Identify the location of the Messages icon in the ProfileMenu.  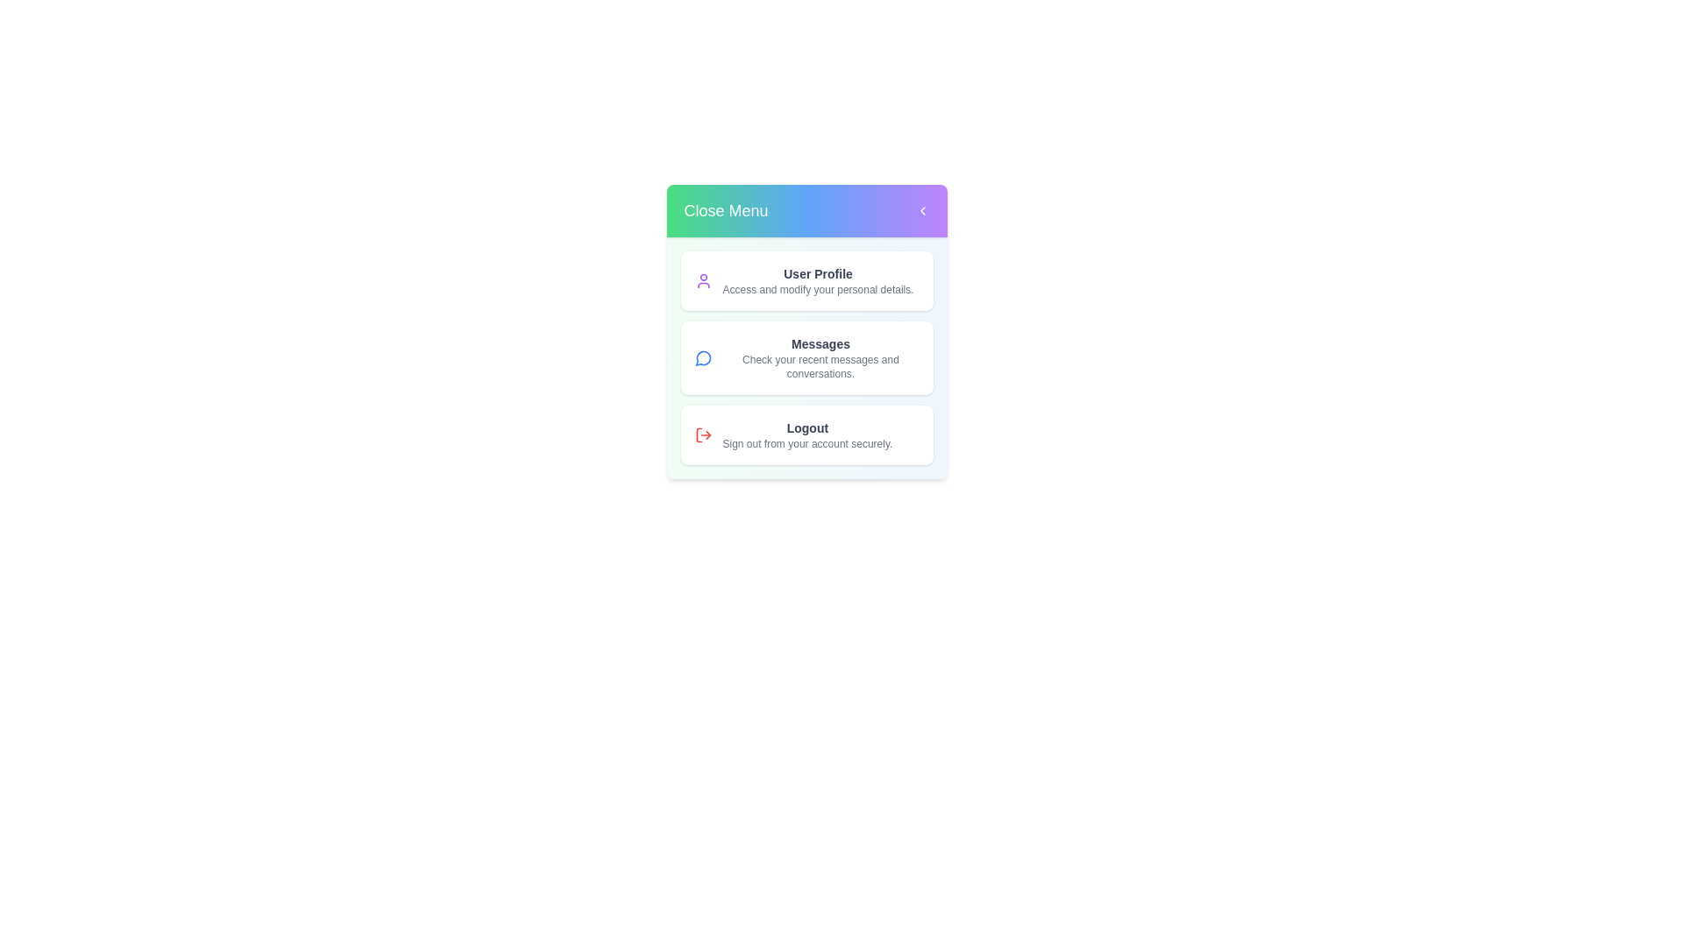
(703, 357).